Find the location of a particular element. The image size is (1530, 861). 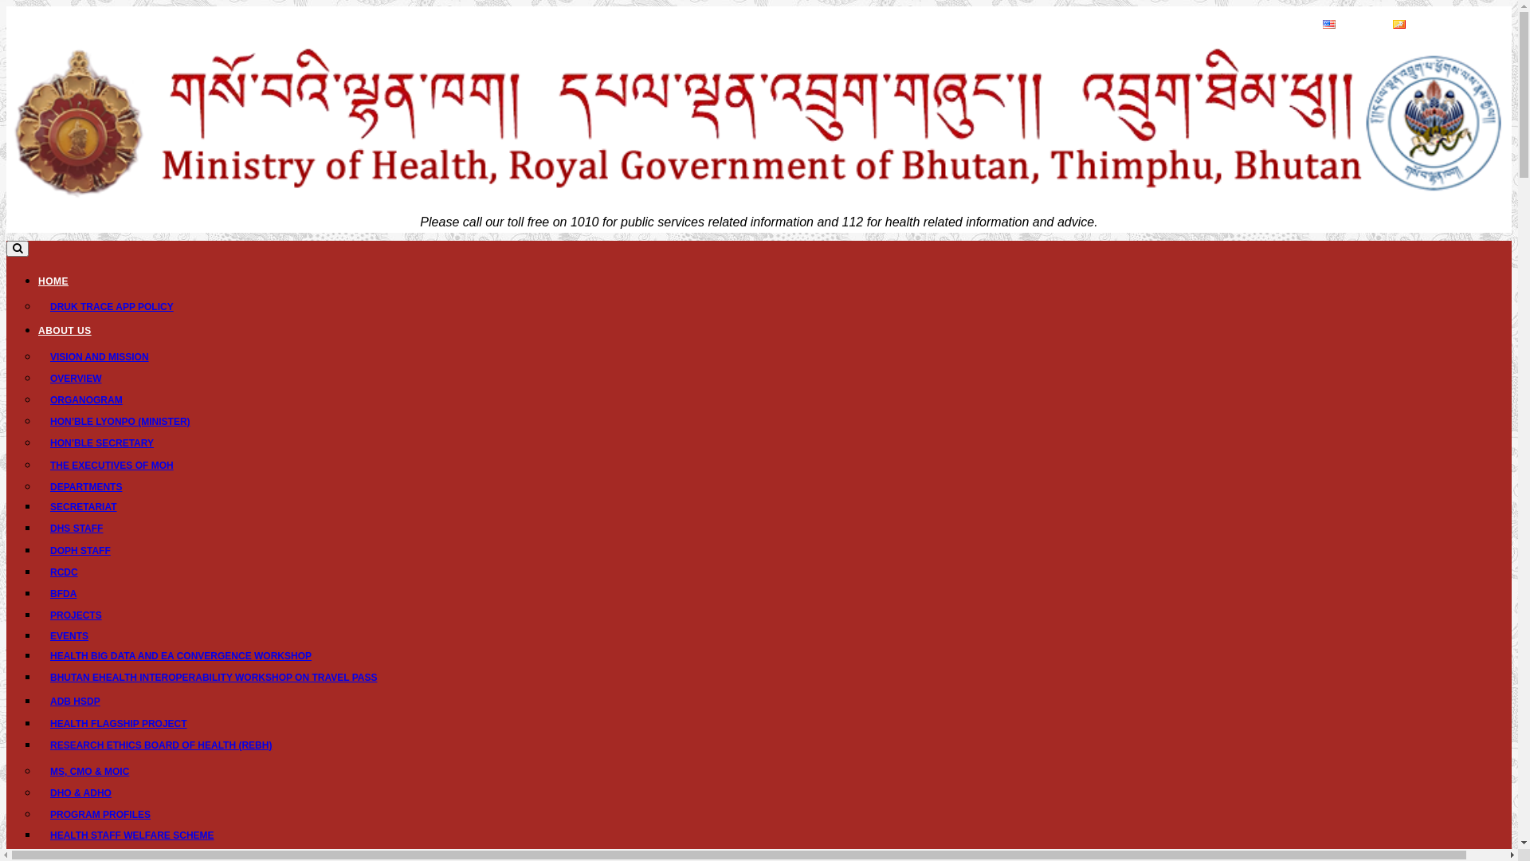

'Toggle search' is located at coordinates (18, 248).